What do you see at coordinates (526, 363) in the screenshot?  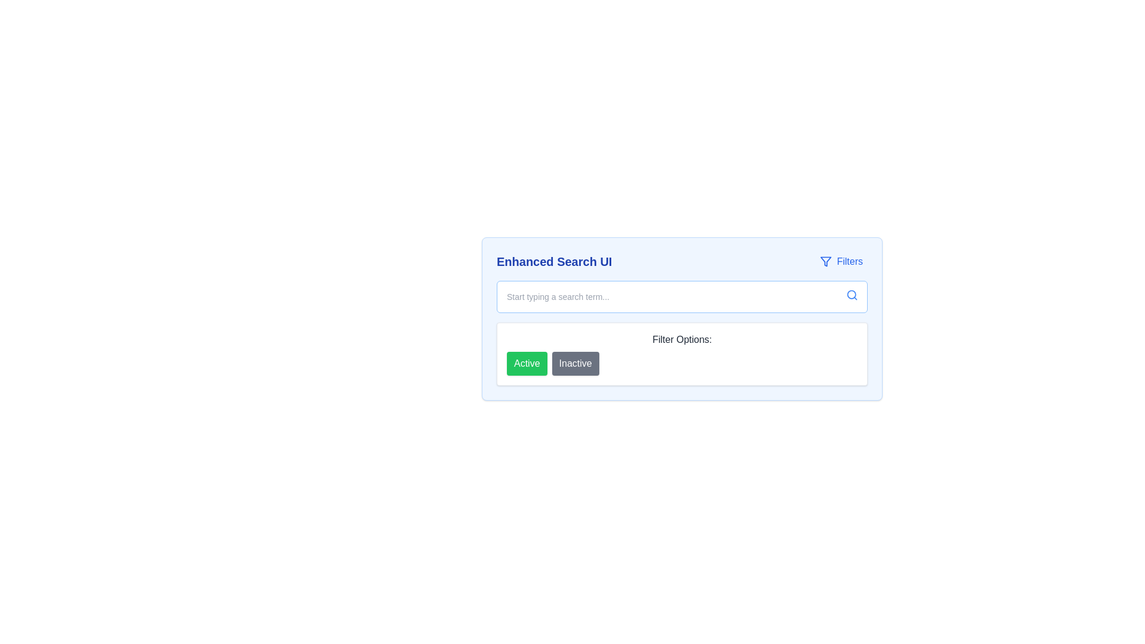 I see `the 'Active' button, which is a rectangular button with rounded corners and a vibrant green background` at bounding box center [526, 363].